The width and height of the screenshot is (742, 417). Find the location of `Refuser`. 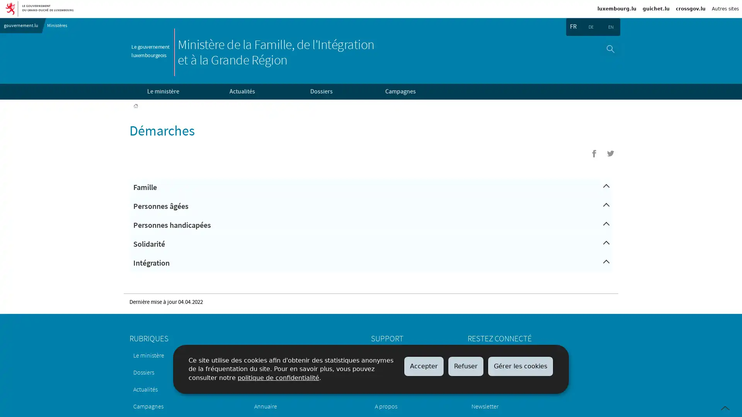

Refuser is located at coordinates (465, 366).